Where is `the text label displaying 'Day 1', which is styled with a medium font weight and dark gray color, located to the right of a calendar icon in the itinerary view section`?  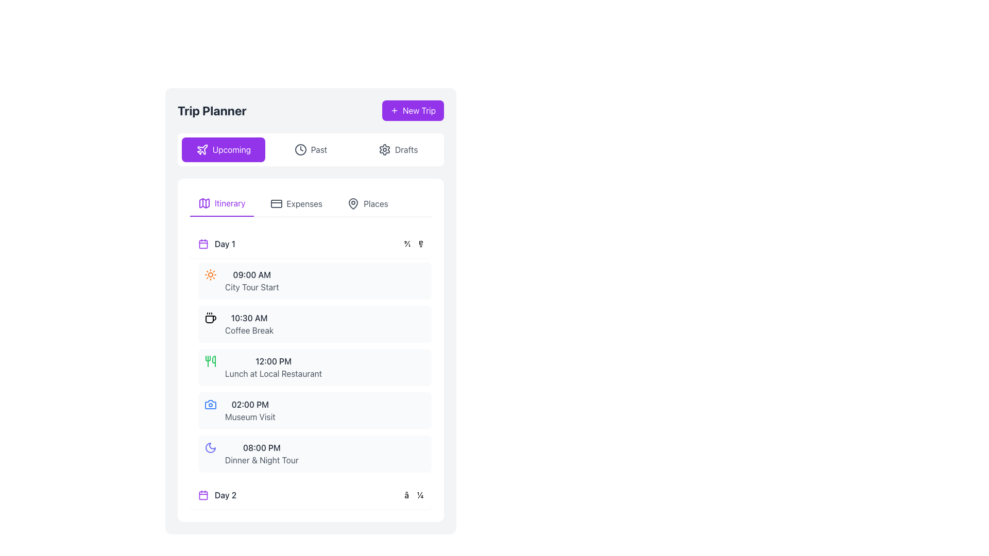 the text label displaying 'Day 1', which is styled with a medium font weight and dark gray color, located to the right of a calendar icon in the itinerary view section is located at coordinates (224, 244).